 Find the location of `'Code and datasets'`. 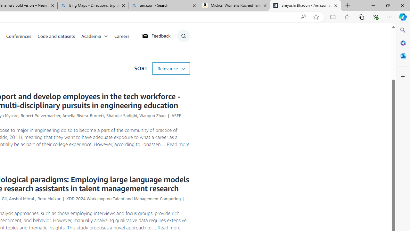

'Code and datasets' is located at coordinates (56, 36).